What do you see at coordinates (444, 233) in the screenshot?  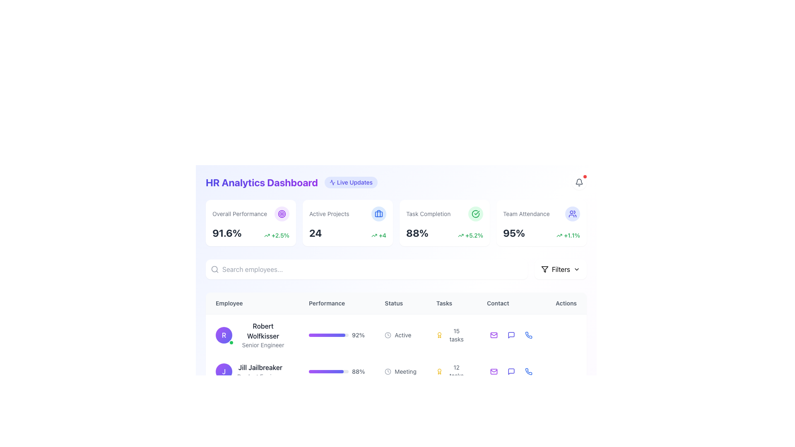 I see `displayed task completion rate metric, which shows the percentage and trend indicator within the 'Task Completion' card` at bounding box center [444, 233].